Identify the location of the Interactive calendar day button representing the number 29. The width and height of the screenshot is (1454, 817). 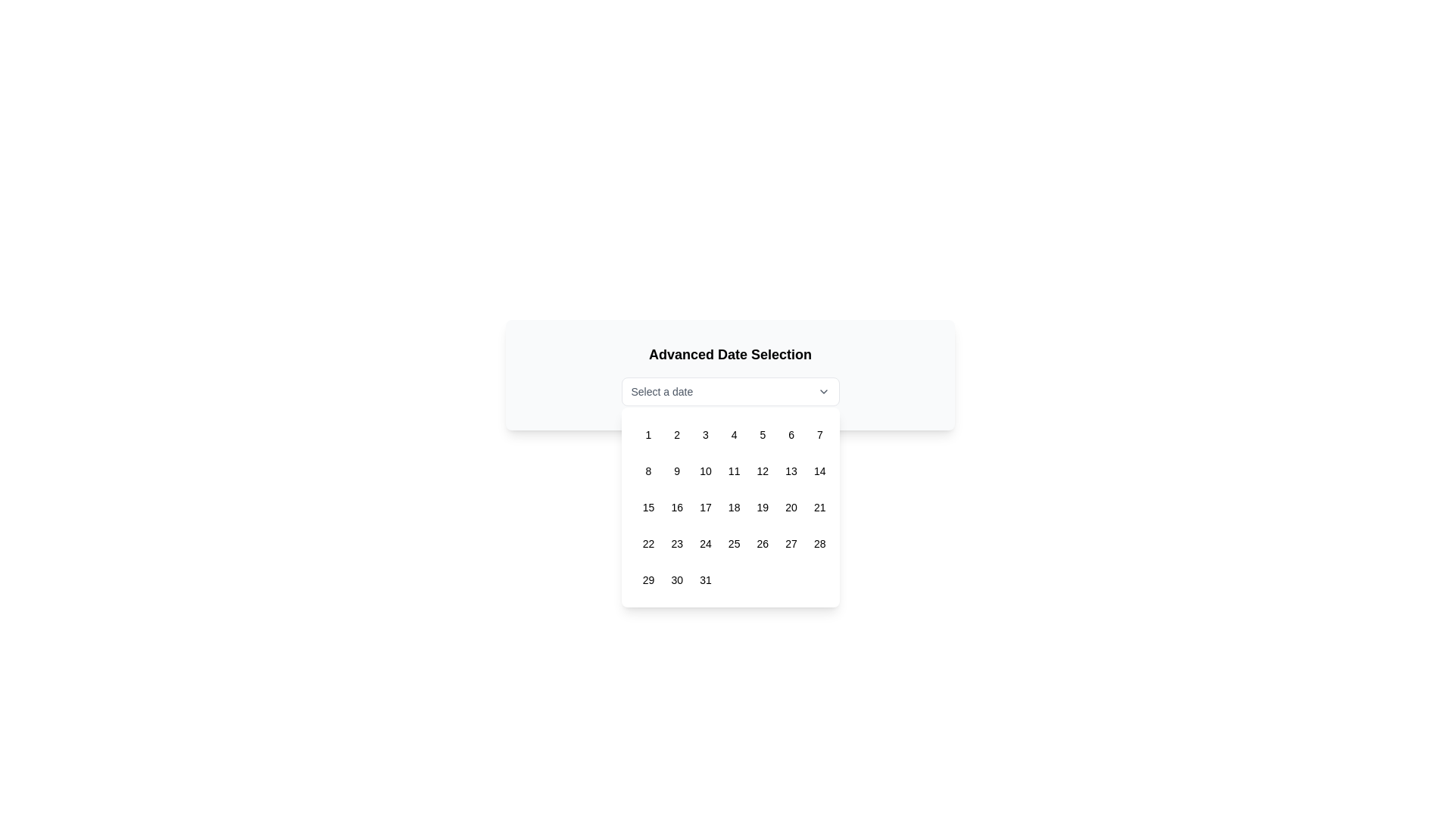
(648, 579).